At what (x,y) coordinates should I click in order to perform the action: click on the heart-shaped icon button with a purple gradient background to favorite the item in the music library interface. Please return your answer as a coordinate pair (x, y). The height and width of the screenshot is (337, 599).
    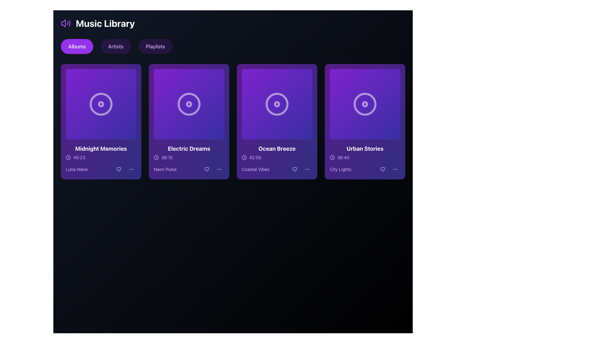
    Looking at the image, I should click on (382, 169).